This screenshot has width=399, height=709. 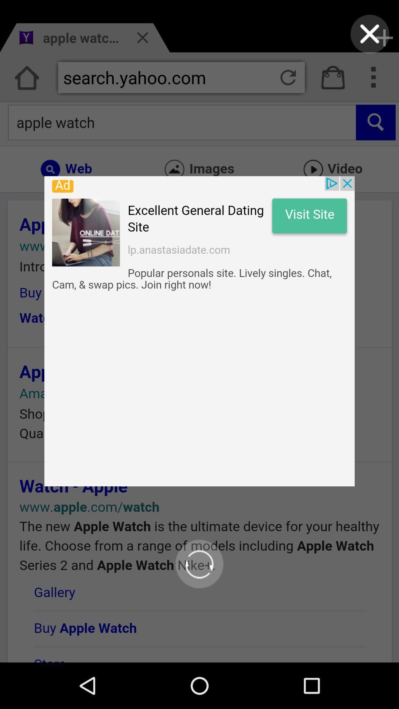 What do you see at coordinates (370, 34) in the screenshot?
I see `the option` at bounding box center [370, 34].